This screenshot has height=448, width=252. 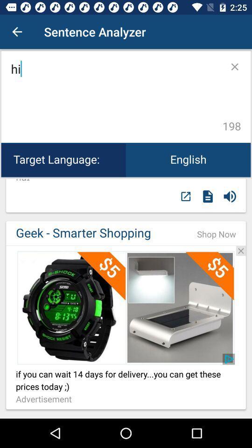 I want to click on the icon to the right of the geek - smarter shopping, so click(x=217, y=234).